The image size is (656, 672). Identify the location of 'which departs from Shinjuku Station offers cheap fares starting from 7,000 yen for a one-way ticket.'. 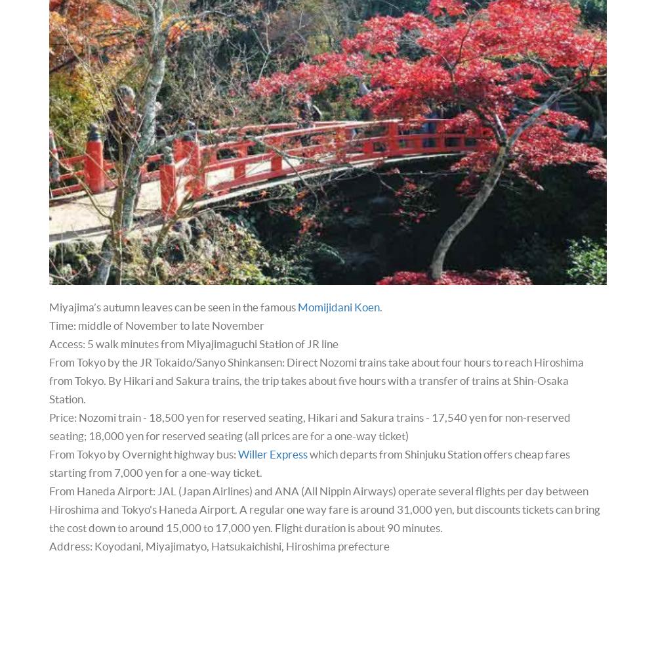
(49, 462).